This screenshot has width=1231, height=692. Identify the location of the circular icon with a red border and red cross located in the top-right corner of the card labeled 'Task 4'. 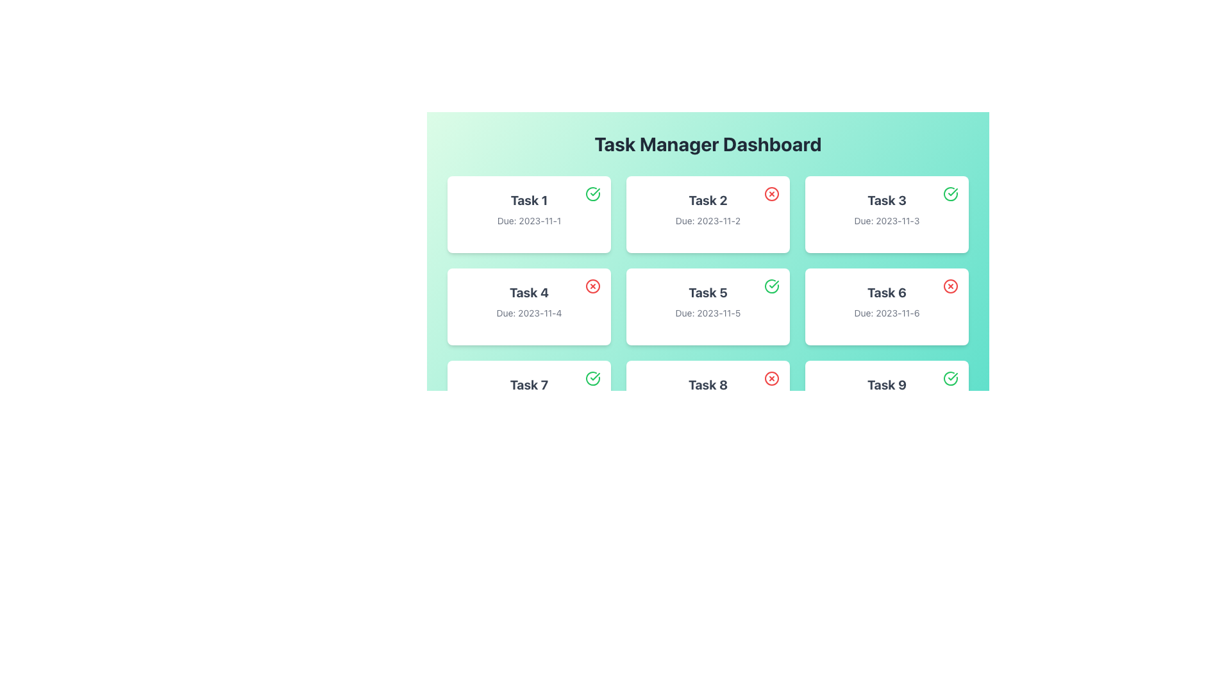
(592, 286).